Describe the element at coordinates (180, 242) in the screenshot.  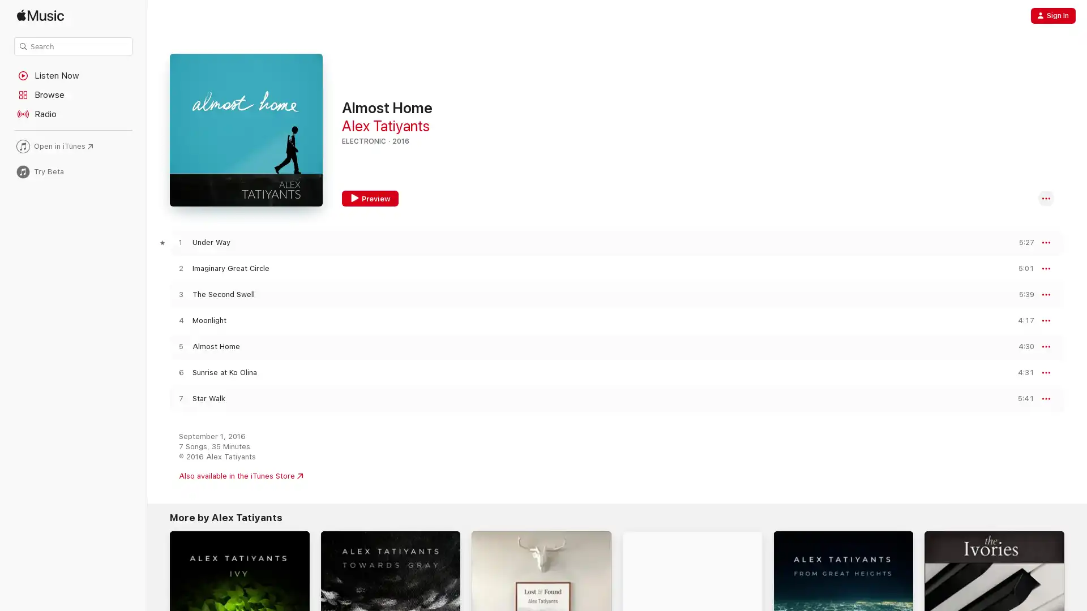
I see `Play` at that location.